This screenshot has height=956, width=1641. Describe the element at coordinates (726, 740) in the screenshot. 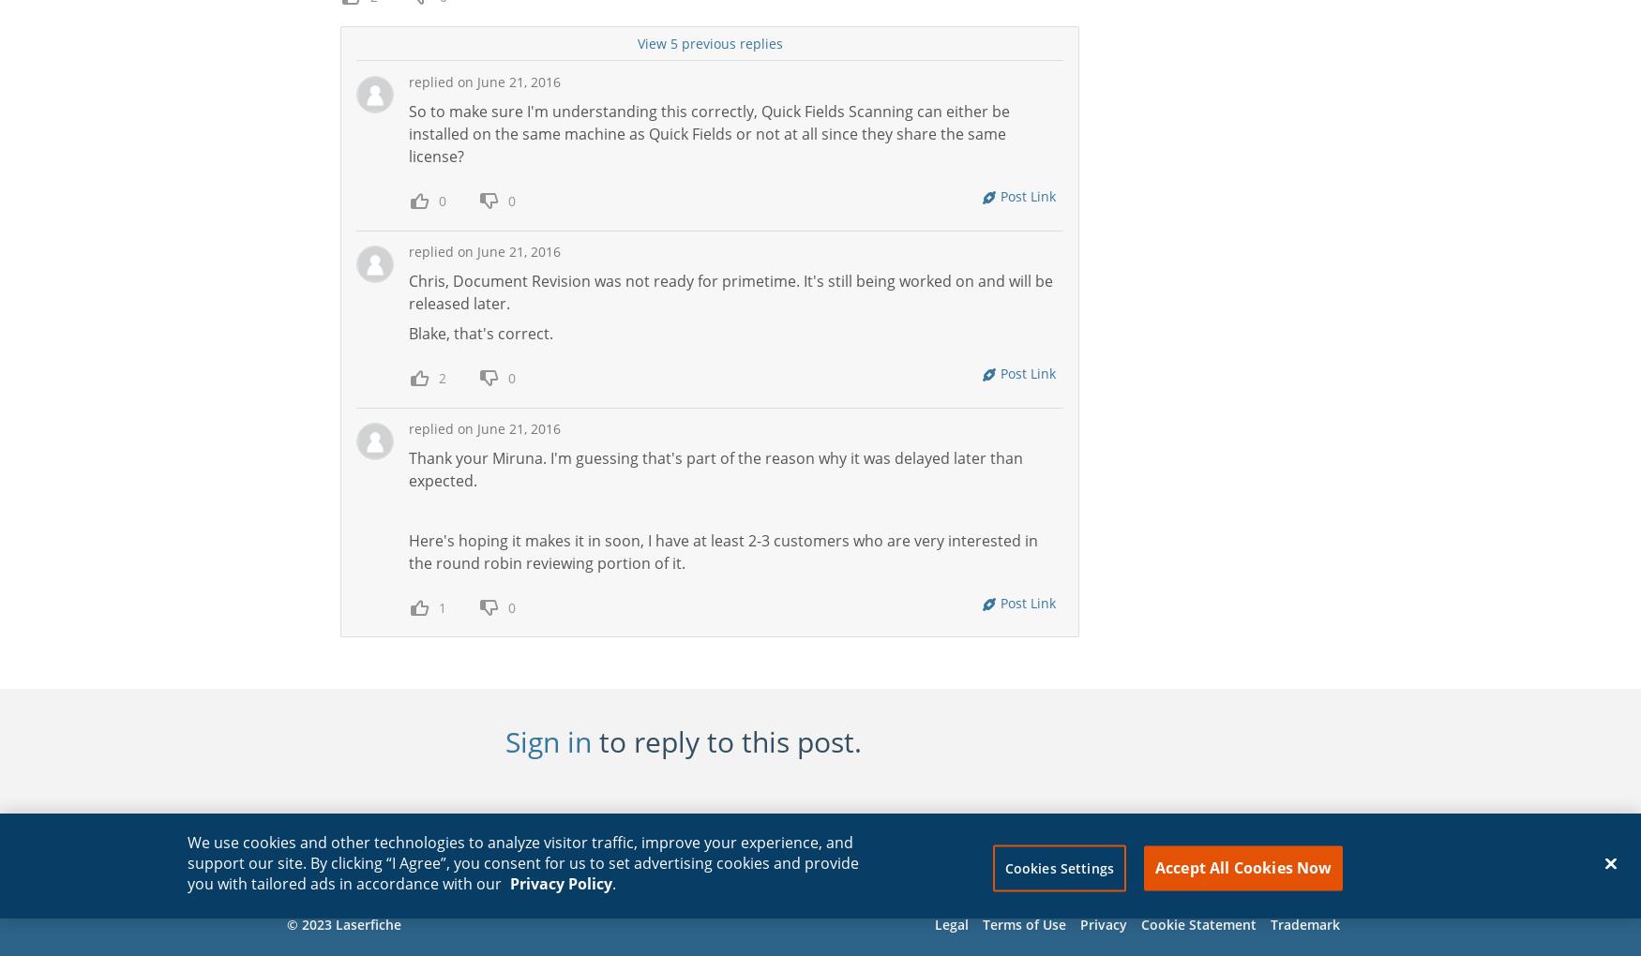

I see `'to reply to this post.'` at that location.